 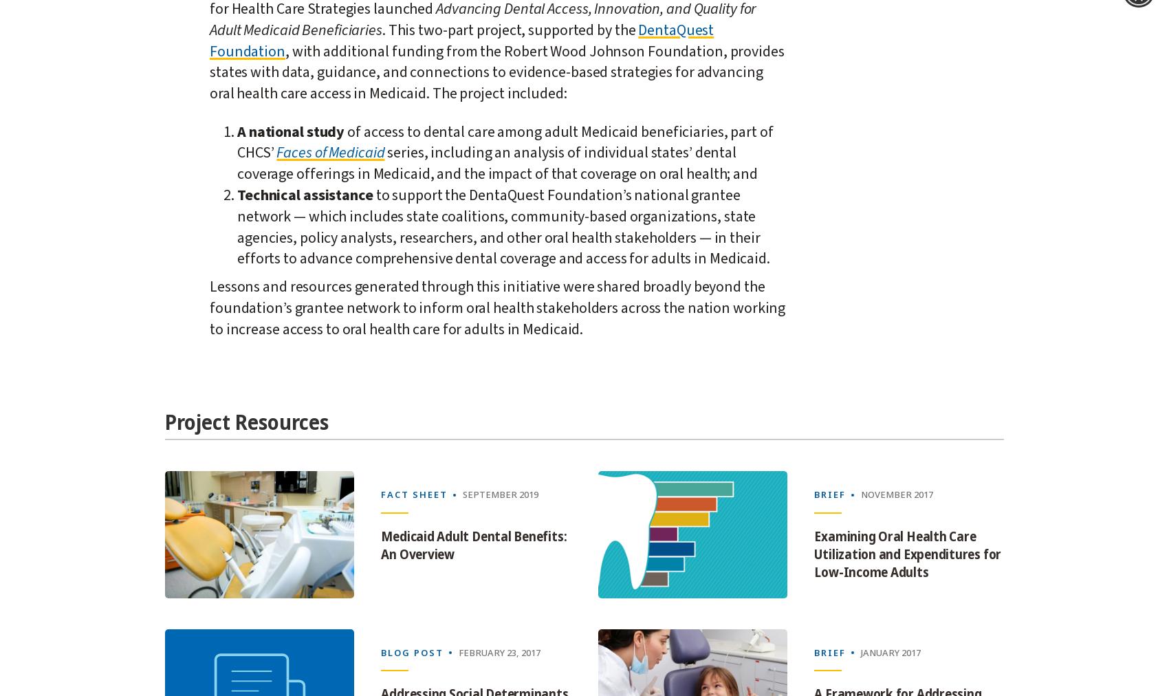 What do you see at coordinates (296, 131) in the screenshot?
I see `'national study'` at bounding box center [296, 131].